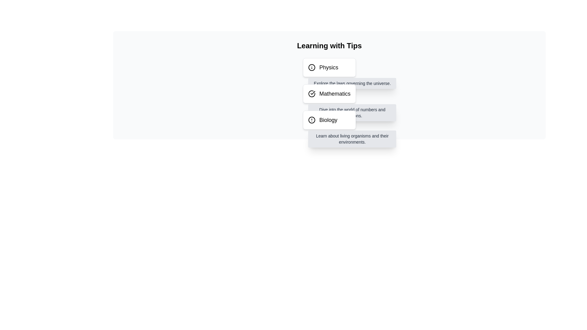 The width and height of the screenshot is (587, 330). Describe the element at coordinates (352, 83) in the screenshot. I see `text label that displays 'Explore the laws governing the universe.' positioned below the 'Physics' button` at that location.